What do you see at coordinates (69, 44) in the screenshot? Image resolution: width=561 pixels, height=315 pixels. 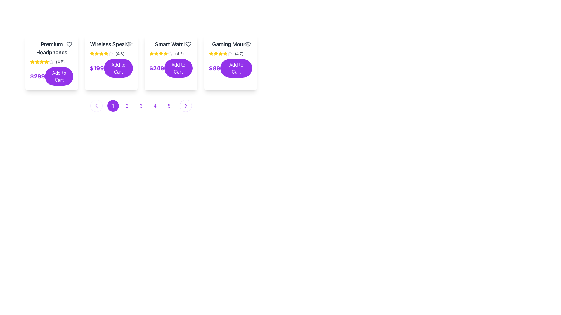 I see `the heart-shaped icon button located at the top-right corner of the 'Premium Headphones' card` at bounding box center [69, 44].